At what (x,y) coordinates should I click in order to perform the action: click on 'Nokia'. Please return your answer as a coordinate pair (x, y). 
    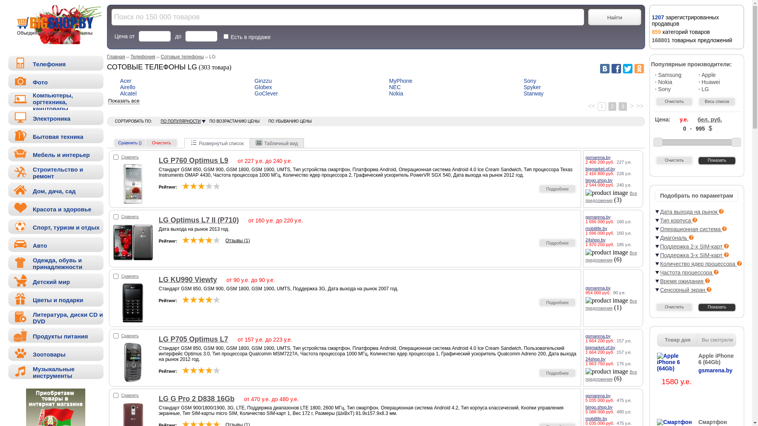
    Looking at the image, I should click on (389, 93).